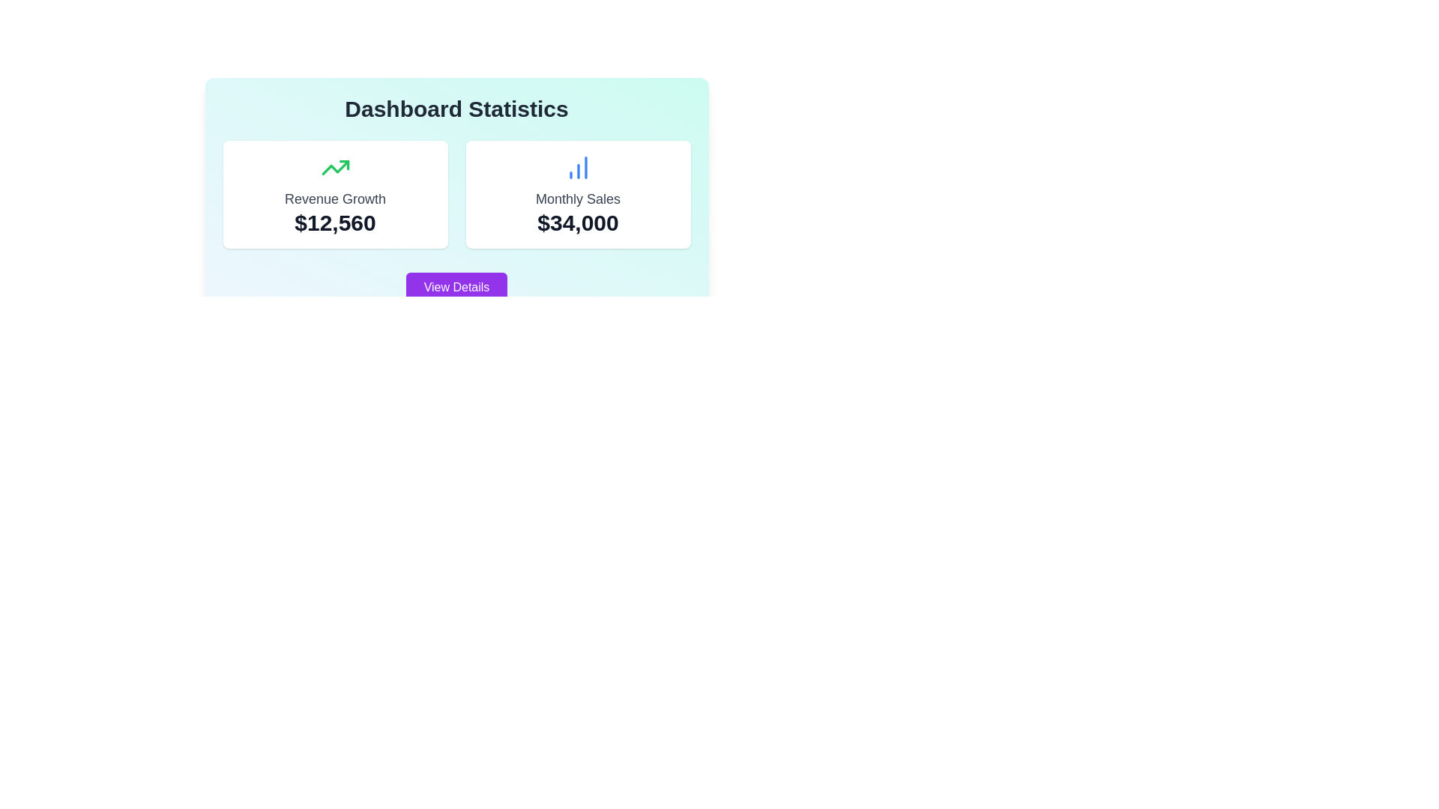 This screenshot has width=1439, height=809. What do you see at coordinates (334, 199) in the screenshot?
I see `label text positioned centrally in the left card, above the '$12,560' text and below the upward arrow icon` at bounding box center [334, 199].